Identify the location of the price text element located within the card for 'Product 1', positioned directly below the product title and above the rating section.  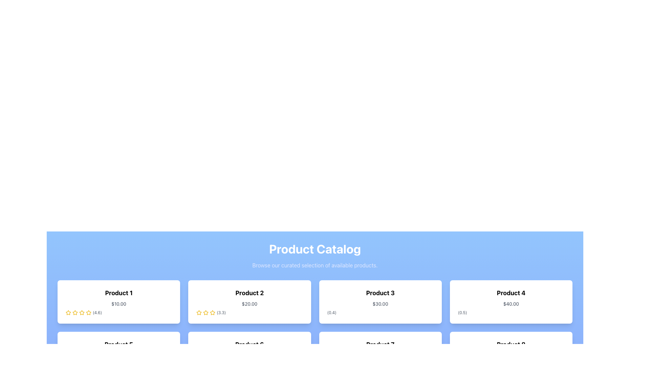
(119, 304).